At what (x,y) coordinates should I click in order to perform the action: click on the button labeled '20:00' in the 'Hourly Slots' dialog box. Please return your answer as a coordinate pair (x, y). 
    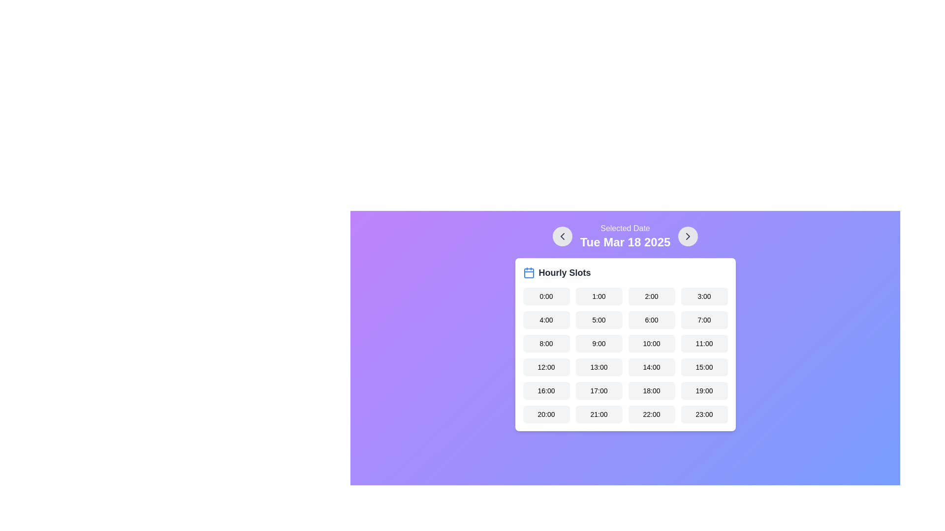
    Looking at the image, I should click on (545, 414).